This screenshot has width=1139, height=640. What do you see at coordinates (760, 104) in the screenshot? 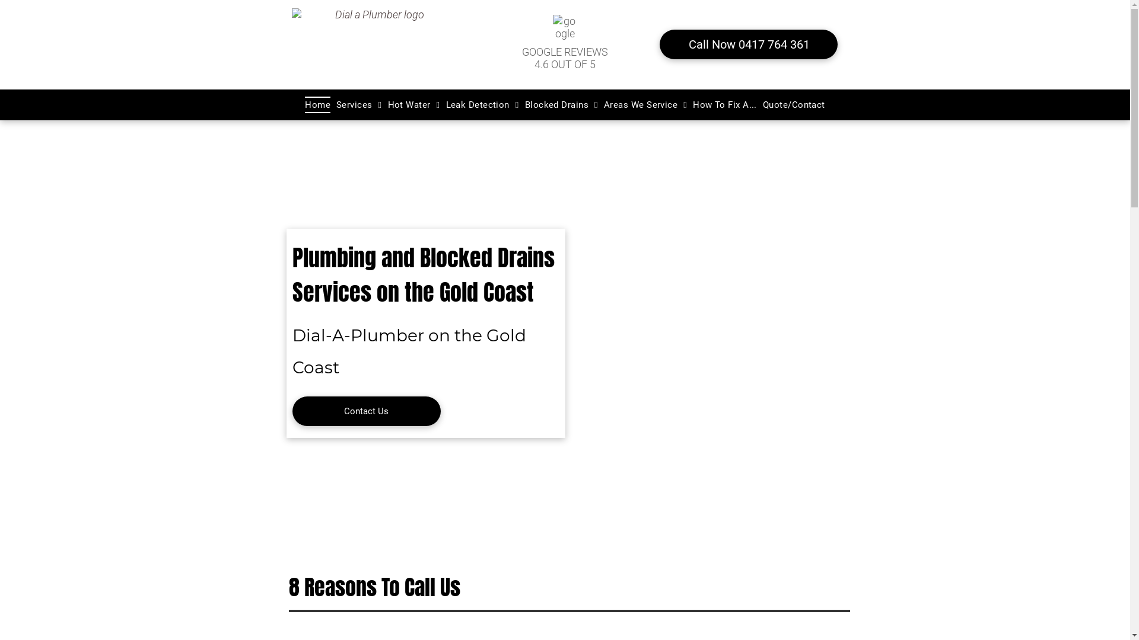
I see `'Quote/Contact'` at bounding box center [760, 104].